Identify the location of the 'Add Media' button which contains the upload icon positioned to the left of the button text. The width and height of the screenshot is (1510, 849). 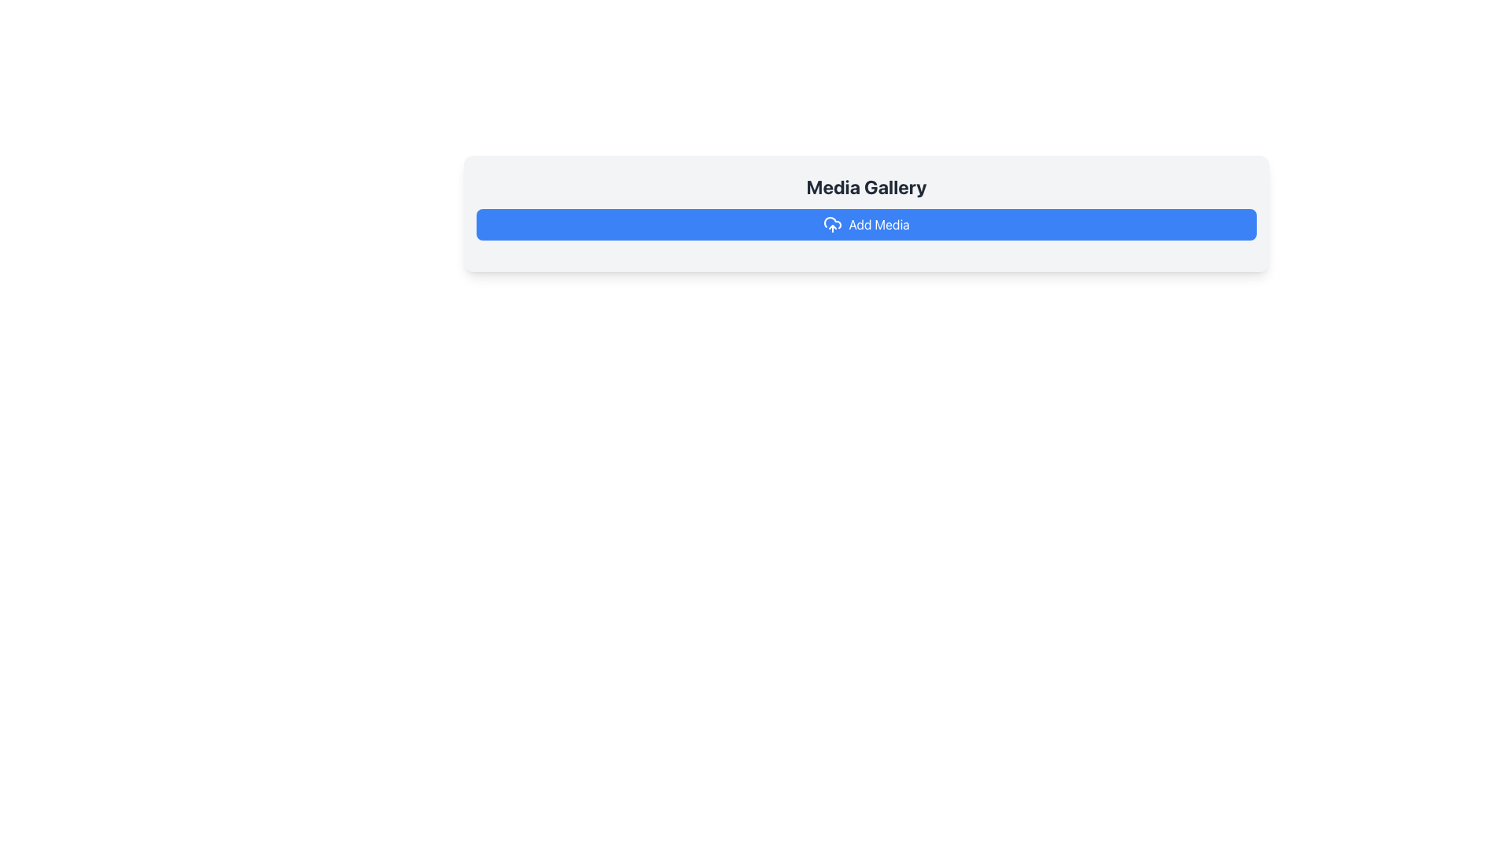
(832, 224).